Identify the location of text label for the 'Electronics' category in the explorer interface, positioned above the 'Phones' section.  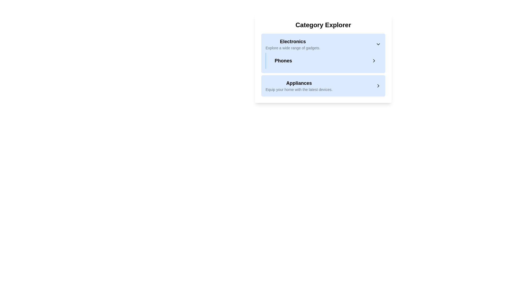
(293, 44).